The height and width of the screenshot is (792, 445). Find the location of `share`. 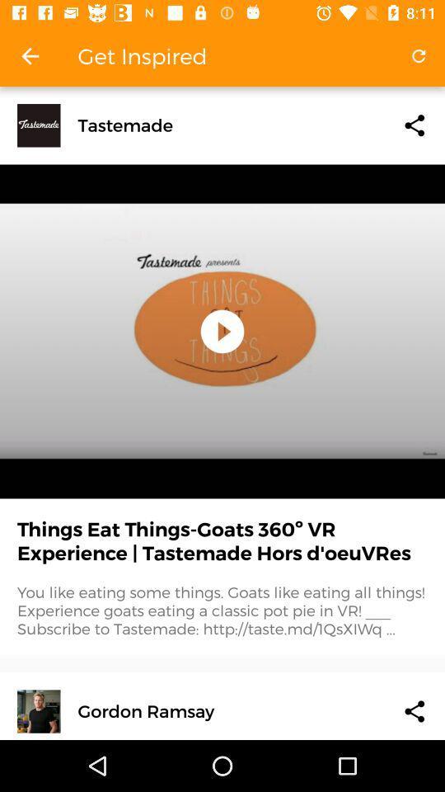

share is located at coordinates (414, 125).